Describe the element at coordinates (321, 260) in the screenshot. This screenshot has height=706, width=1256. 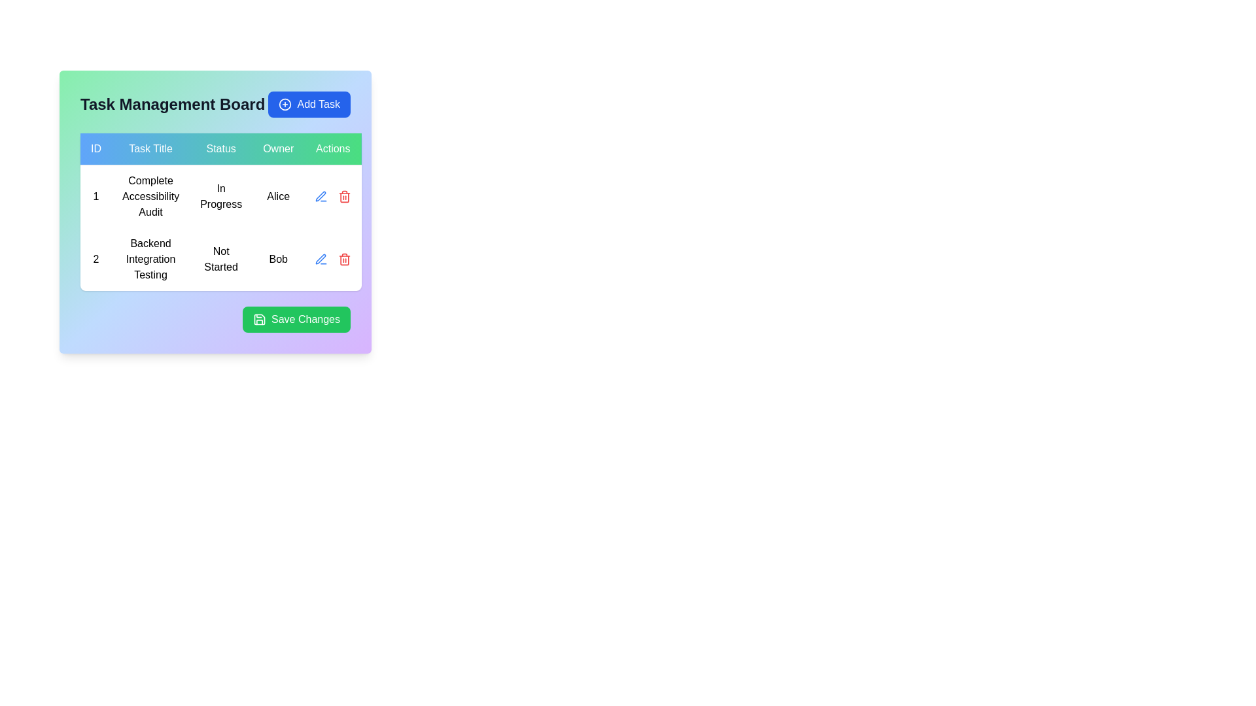
I see `the leftmost icon button in the 'Actions' column for the task 'Complete Accessibility Audit'` at that location.